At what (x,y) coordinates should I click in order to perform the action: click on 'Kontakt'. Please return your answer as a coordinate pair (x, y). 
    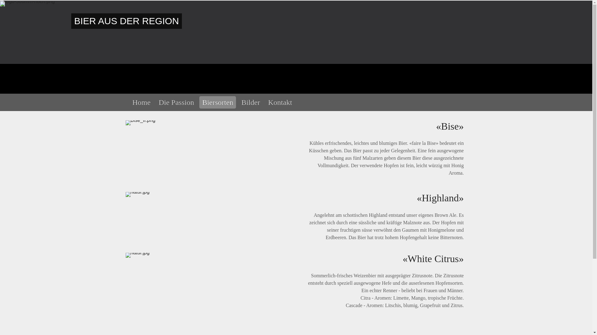
    Looking at the image, I should click on (280, 102).